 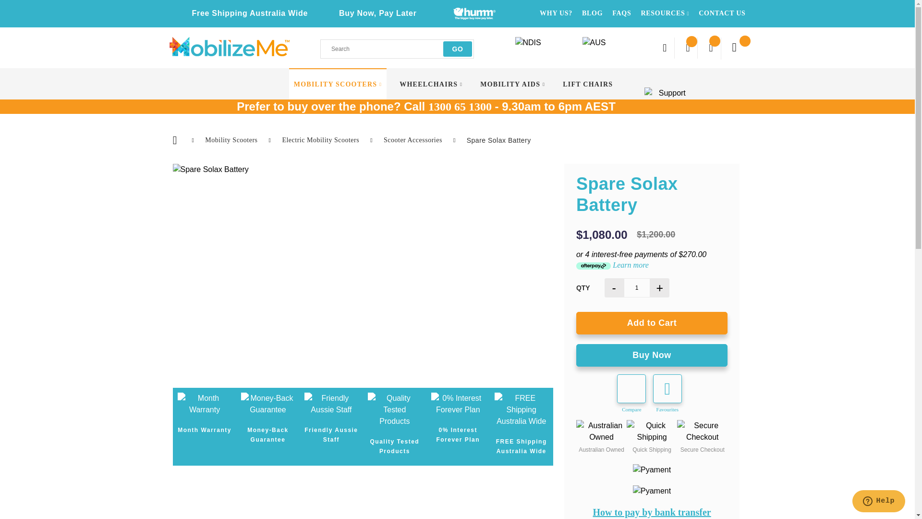 I want to click on 'WHEELCHAIRS', so click(x=430, y=84).